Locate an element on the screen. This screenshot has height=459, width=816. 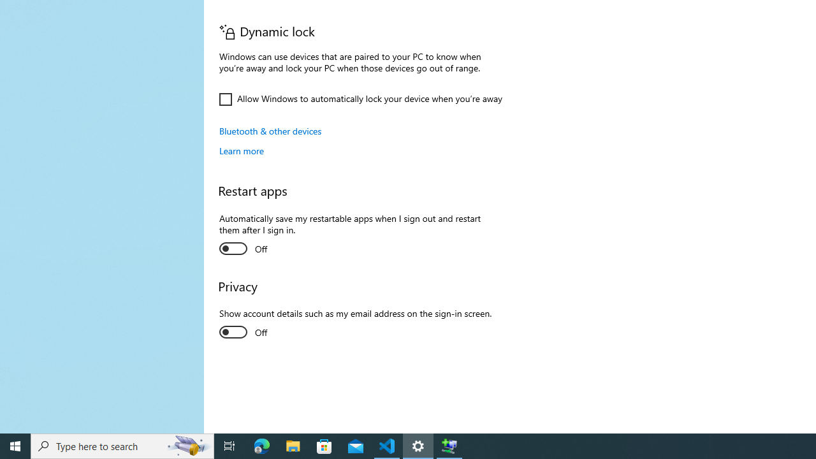
'Learn more' is located at coordinates (242, 150).